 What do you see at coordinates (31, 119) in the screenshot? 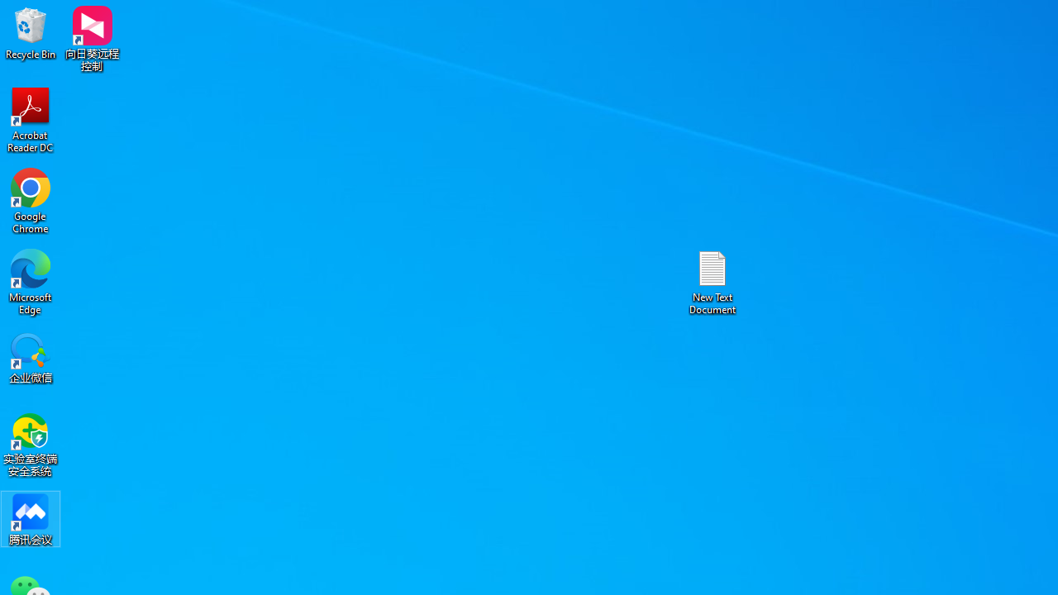
I see `'Acrobat Reader DC'` at bounding box center [31, 119].